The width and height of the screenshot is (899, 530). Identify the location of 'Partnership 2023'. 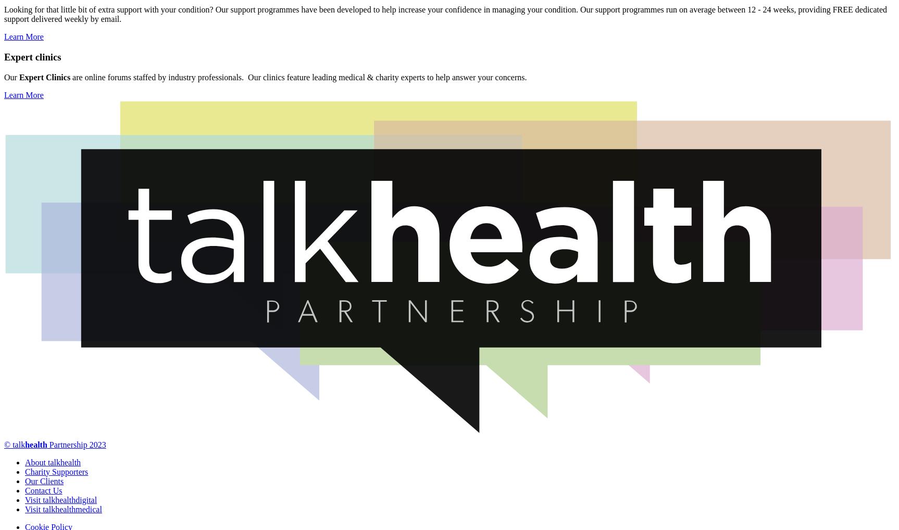
(46, 444).